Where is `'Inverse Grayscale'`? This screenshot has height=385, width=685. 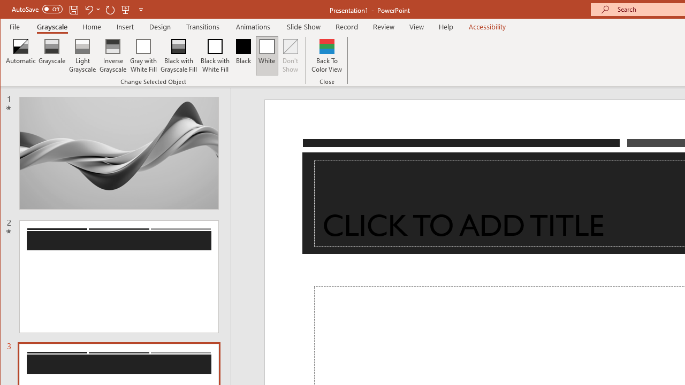
'Inverse Grayscale' is located at coordinates (113, 56).